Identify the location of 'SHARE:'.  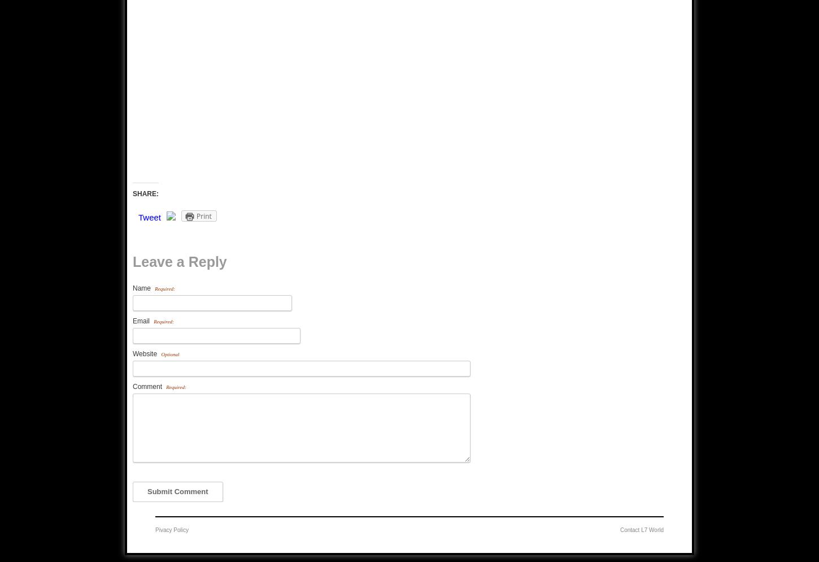
(145, 193).